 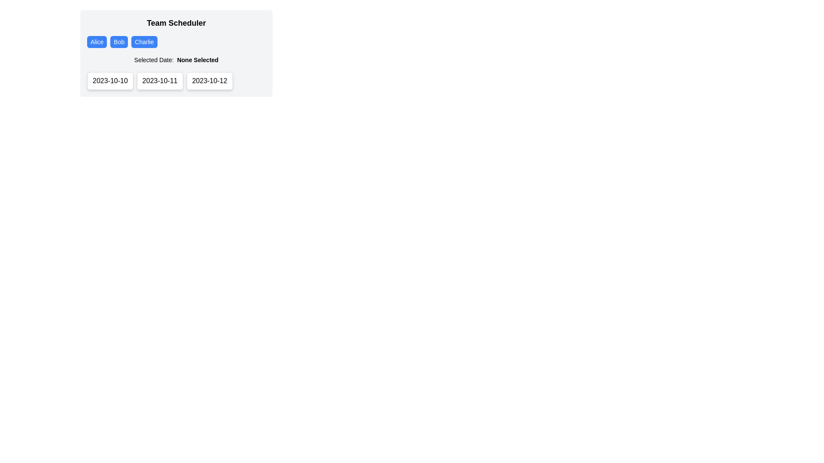 What do you see at coordinates (176, 59) in the screenshot?
I see `the label that displays 'Selected Date: None Selected', which is positioned beneath the buttons labeled 'Alice', 'Bob', and 'Charlie', and above a series of selectable dates` at bounding box center [176, 59].